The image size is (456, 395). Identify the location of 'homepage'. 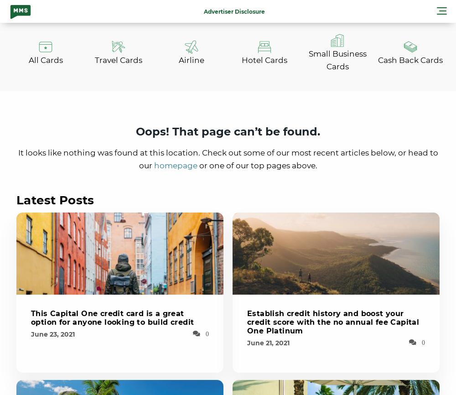
(175, 165).